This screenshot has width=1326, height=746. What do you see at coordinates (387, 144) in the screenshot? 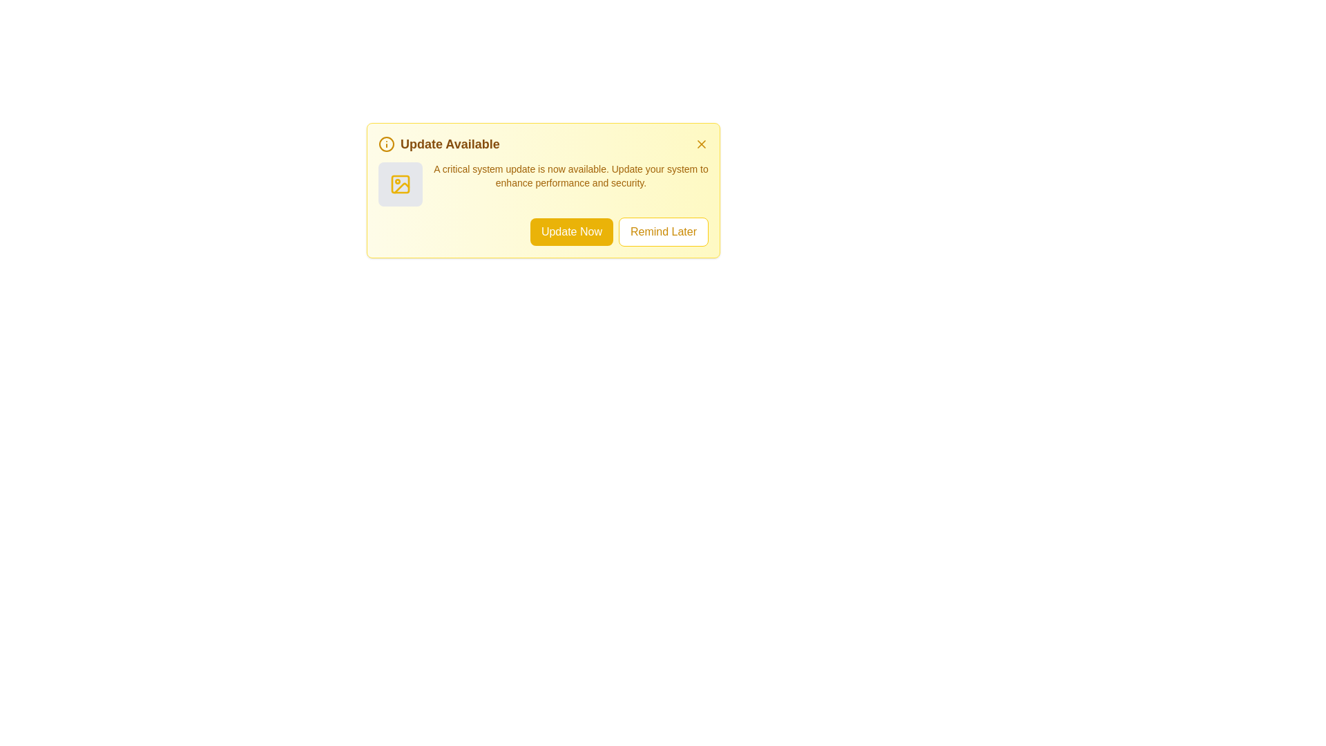
I see `the informational icon to interact with it` at bounding box center [387, 144].